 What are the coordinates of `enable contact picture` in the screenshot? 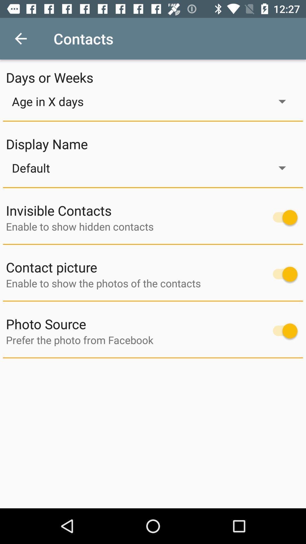 It's located at (282, 274).